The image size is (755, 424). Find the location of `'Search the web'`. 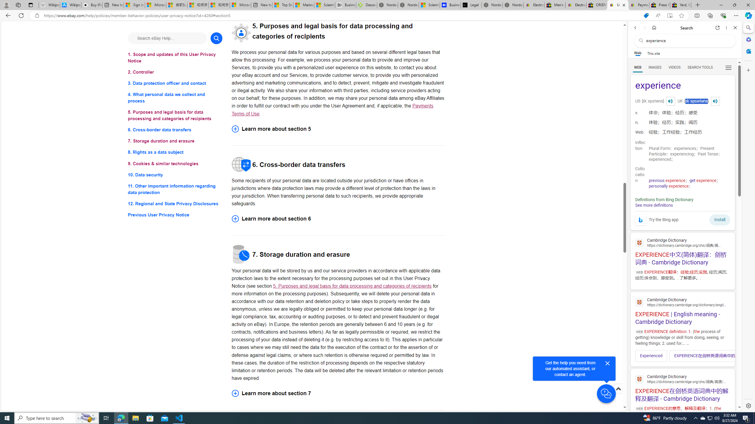

'Search the web' is located at coordinates (687, 40).